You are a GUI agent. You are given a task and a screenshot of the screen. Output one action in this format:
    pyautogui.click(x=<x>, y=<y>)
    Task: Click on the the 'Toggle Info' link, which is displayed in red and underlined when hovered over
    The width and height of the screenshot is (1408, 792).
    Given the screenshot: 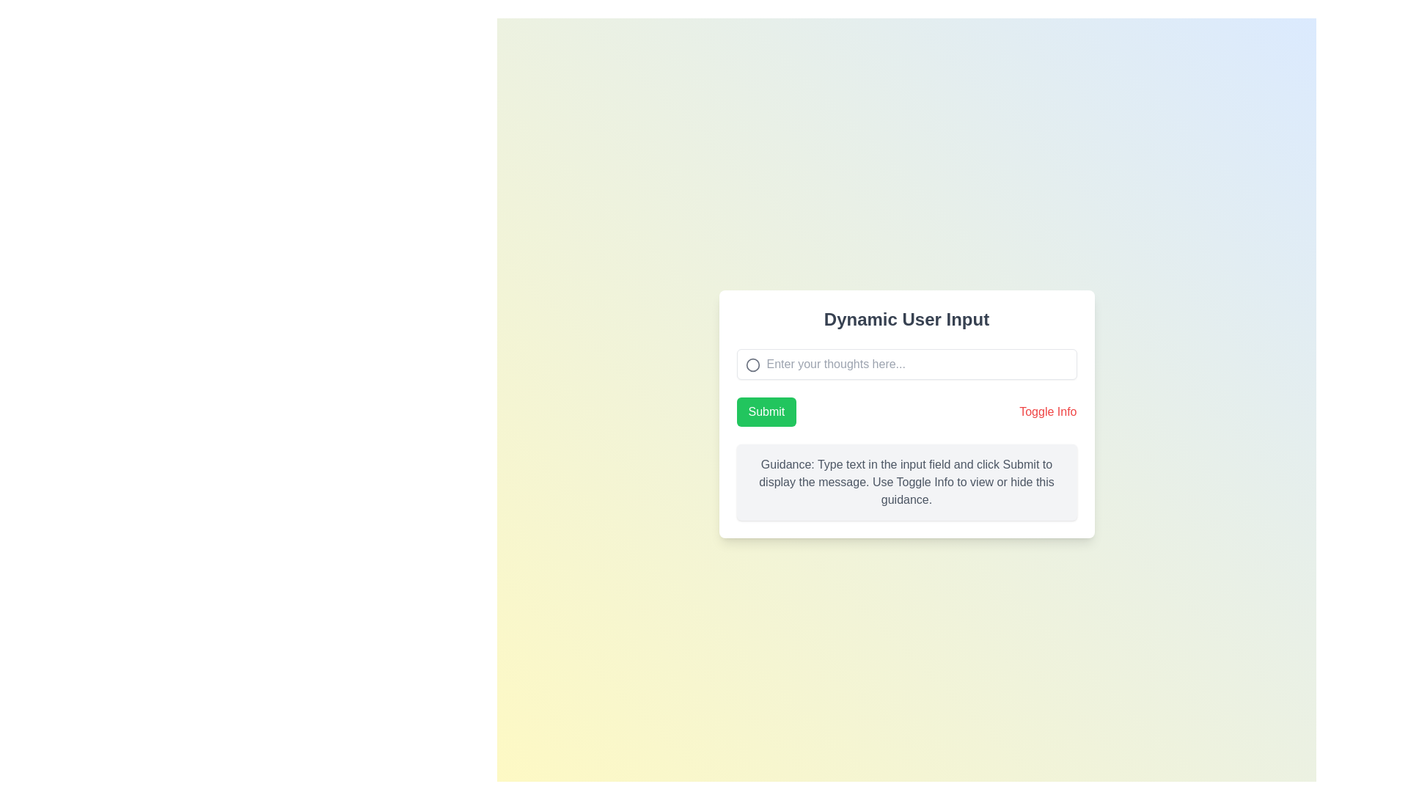 What is the action you would take?
    pyautogui.click(x=1047, y=412)
    